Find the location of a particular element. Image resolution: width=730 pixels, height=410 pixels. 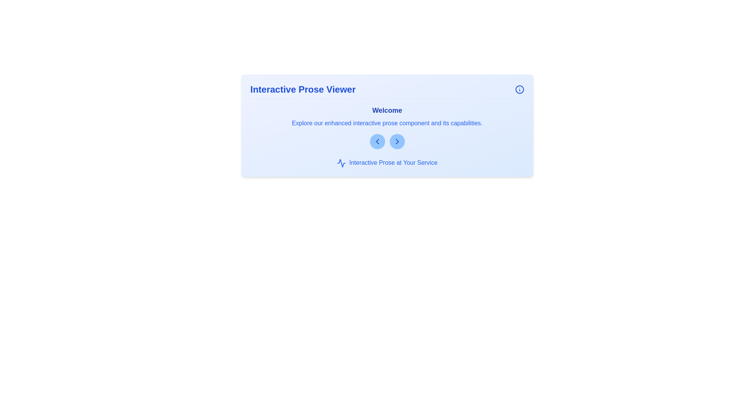

the icon that visually represents an activity or waveform concept, located to the left of the text 'Interactive Prose at Your Service', aligned beneath 'Welcome' and the text navigation icons is located at coordinates (341, 162).